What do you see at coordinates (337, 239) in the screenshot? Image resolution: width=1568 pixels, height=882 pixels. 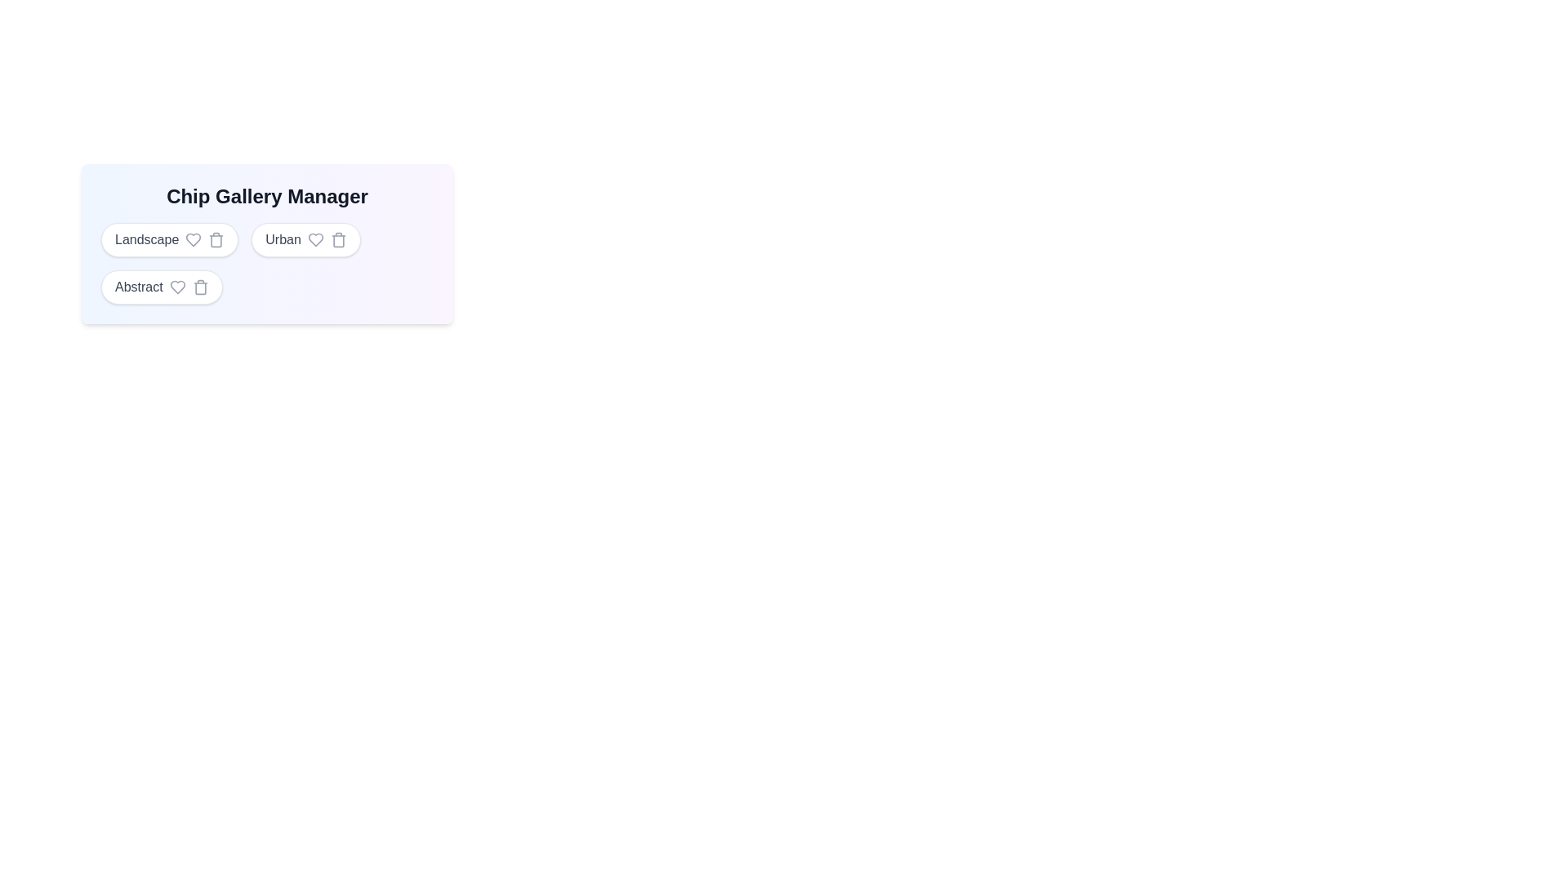 I see `the trash icon next to the chip labeled Urban` at bounding box center [337, 239].